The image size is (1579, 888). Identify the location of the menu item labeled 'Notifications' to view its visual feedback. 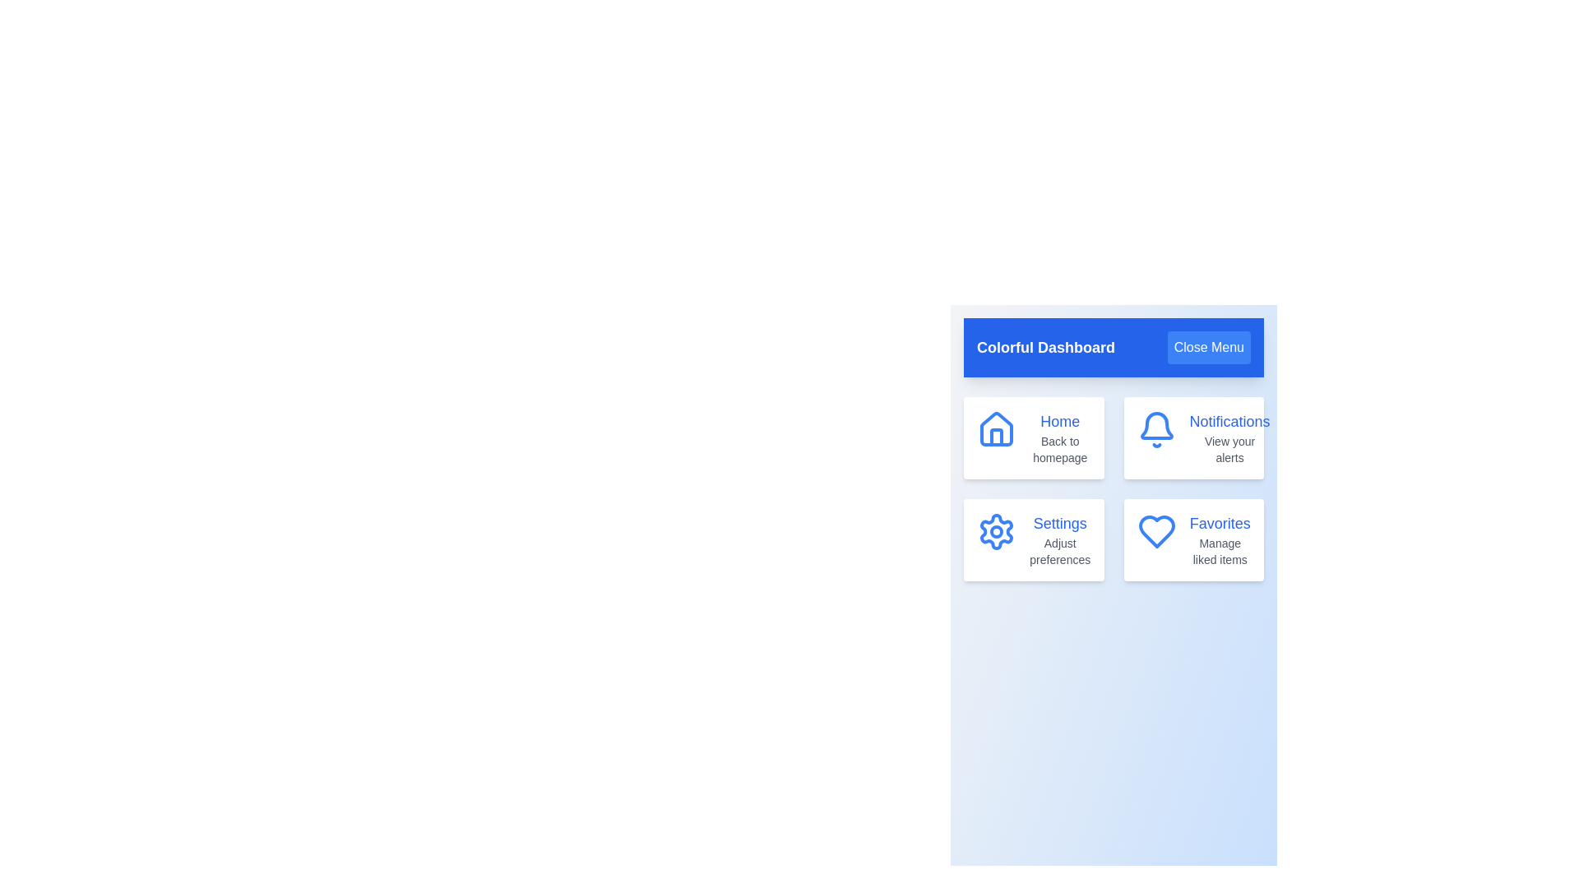
(1193, 437).